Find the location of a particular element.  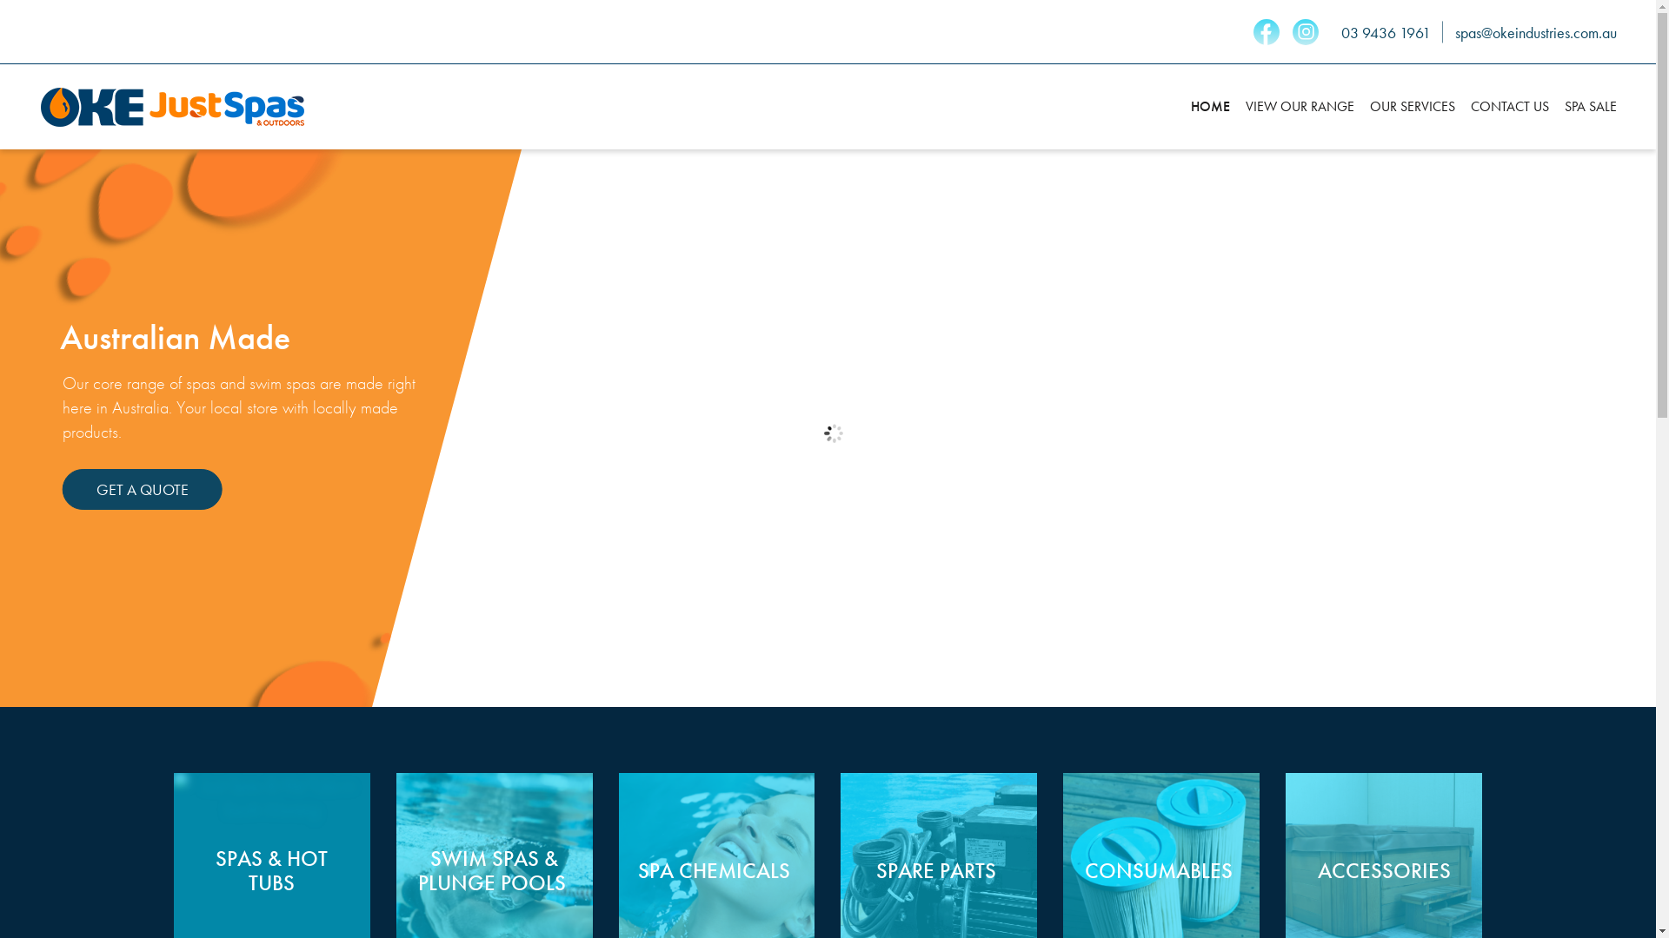

'spas@okeindustries.com.au' is located at coordinates (1535, 32).